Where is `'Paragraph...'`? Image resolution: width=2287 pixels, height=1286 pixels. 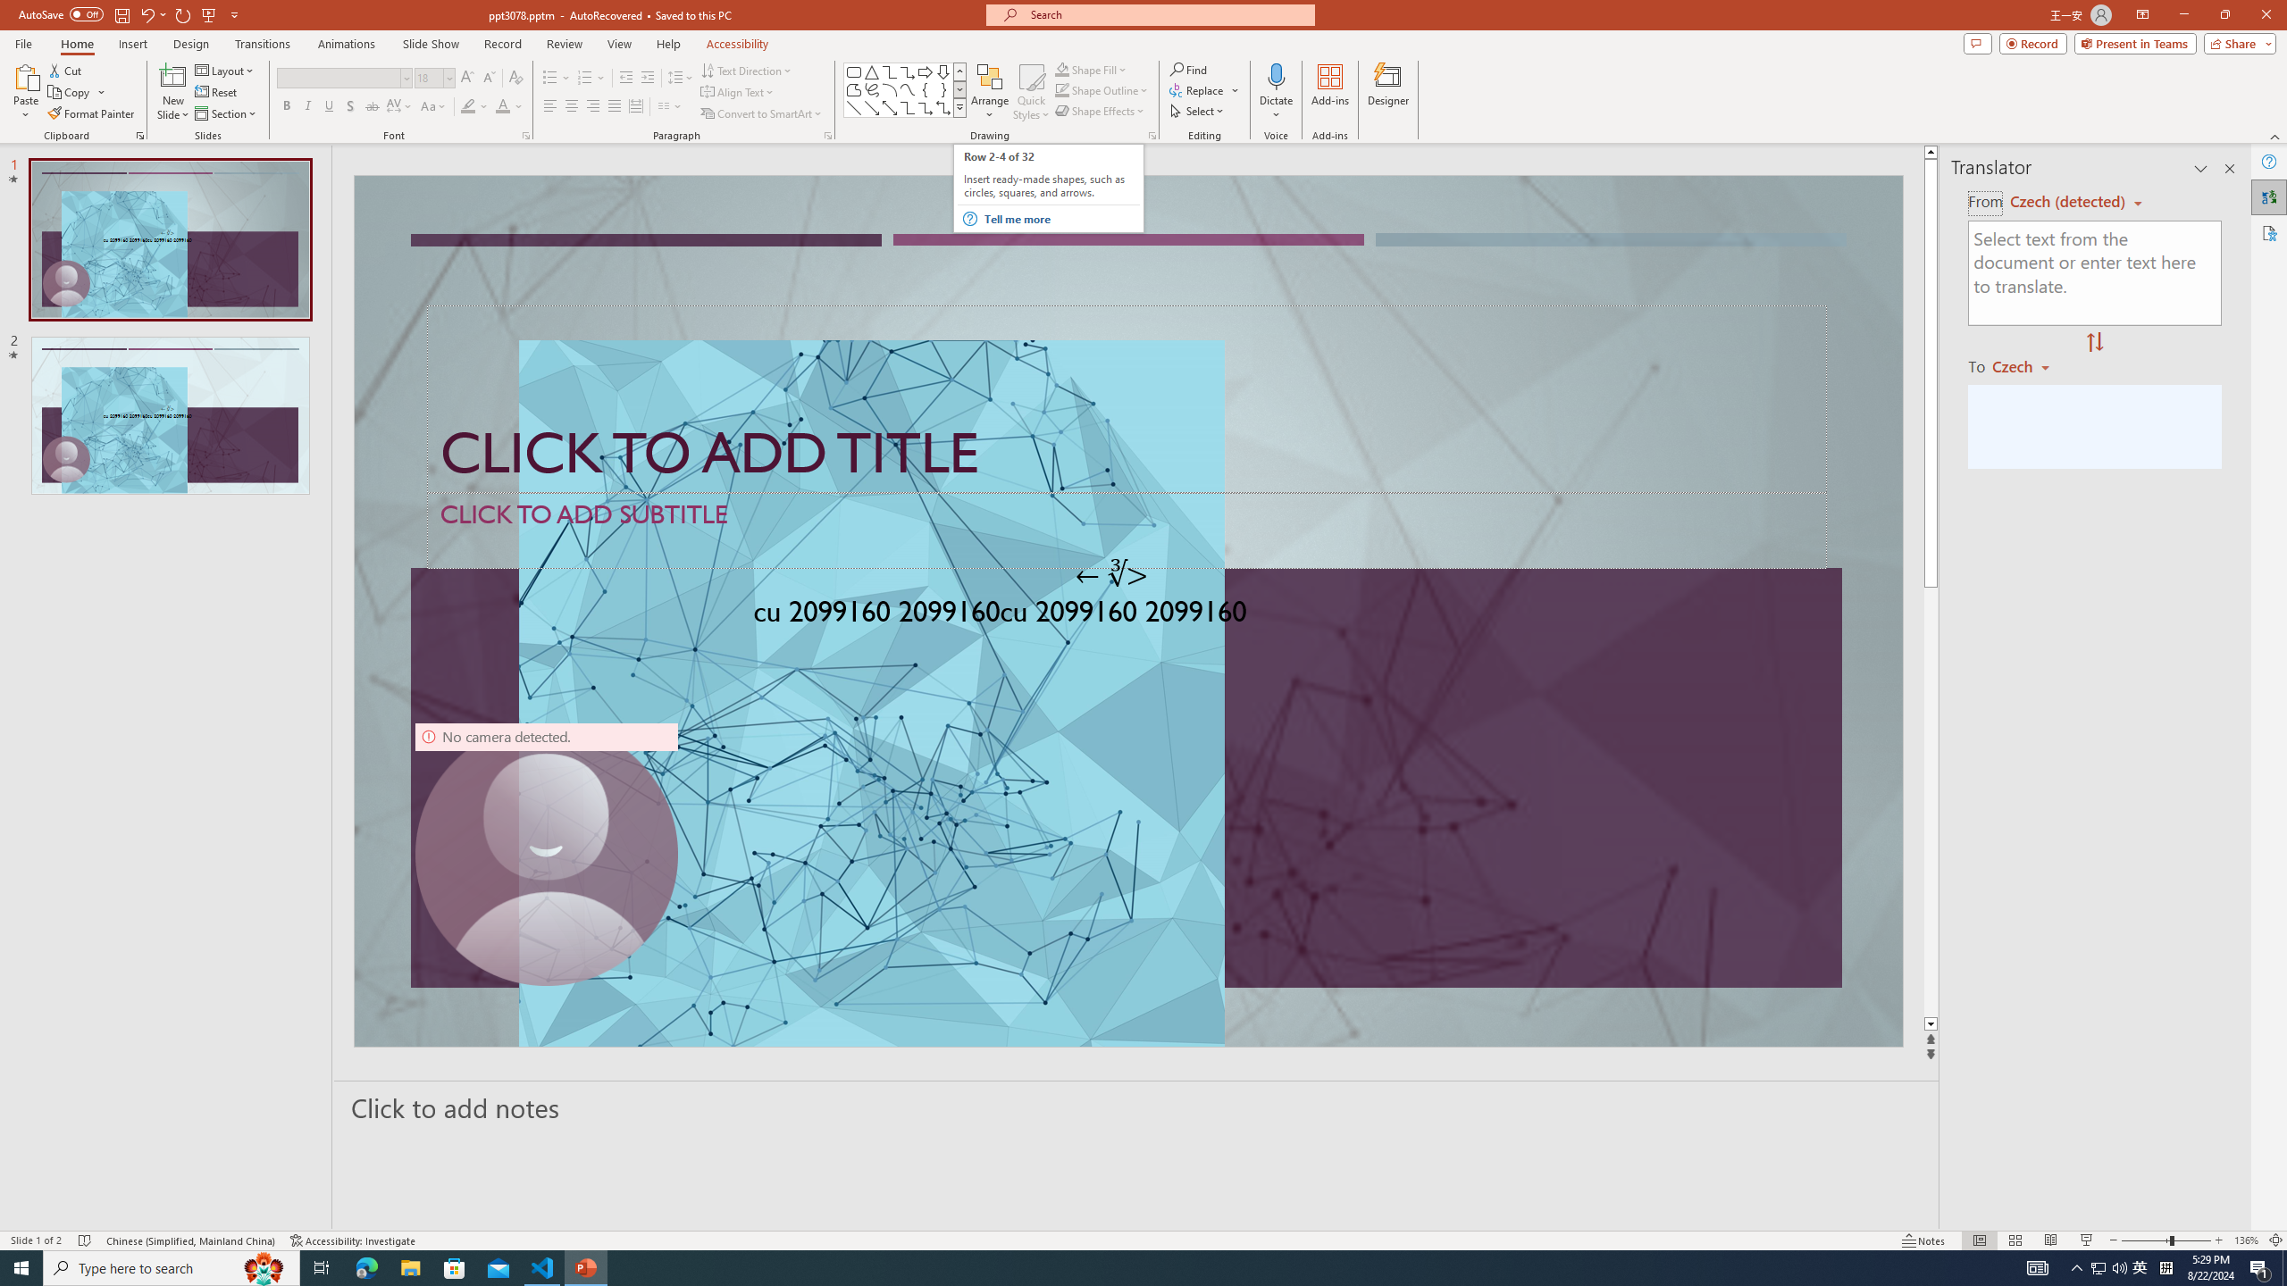 'Paragraph...' is located at coordinates (826, 134).